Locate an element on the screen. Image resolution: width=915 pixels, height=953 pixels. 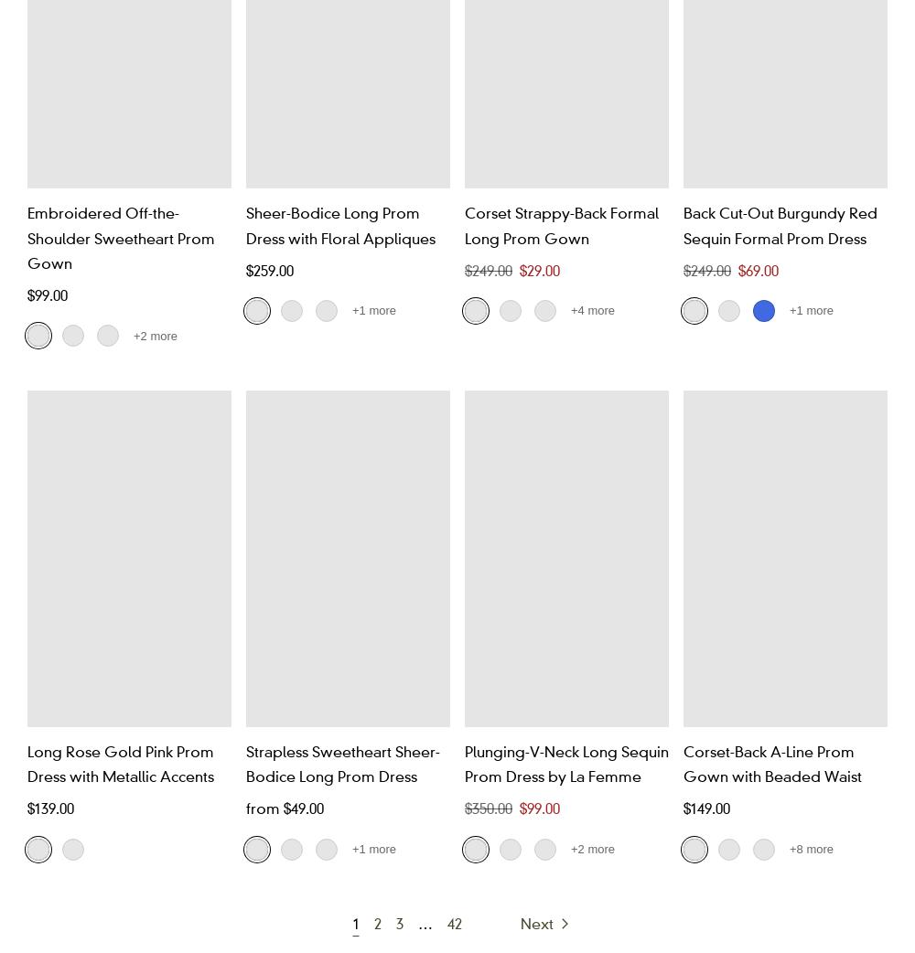
'Mauve' is located at coordinates (269, 369).